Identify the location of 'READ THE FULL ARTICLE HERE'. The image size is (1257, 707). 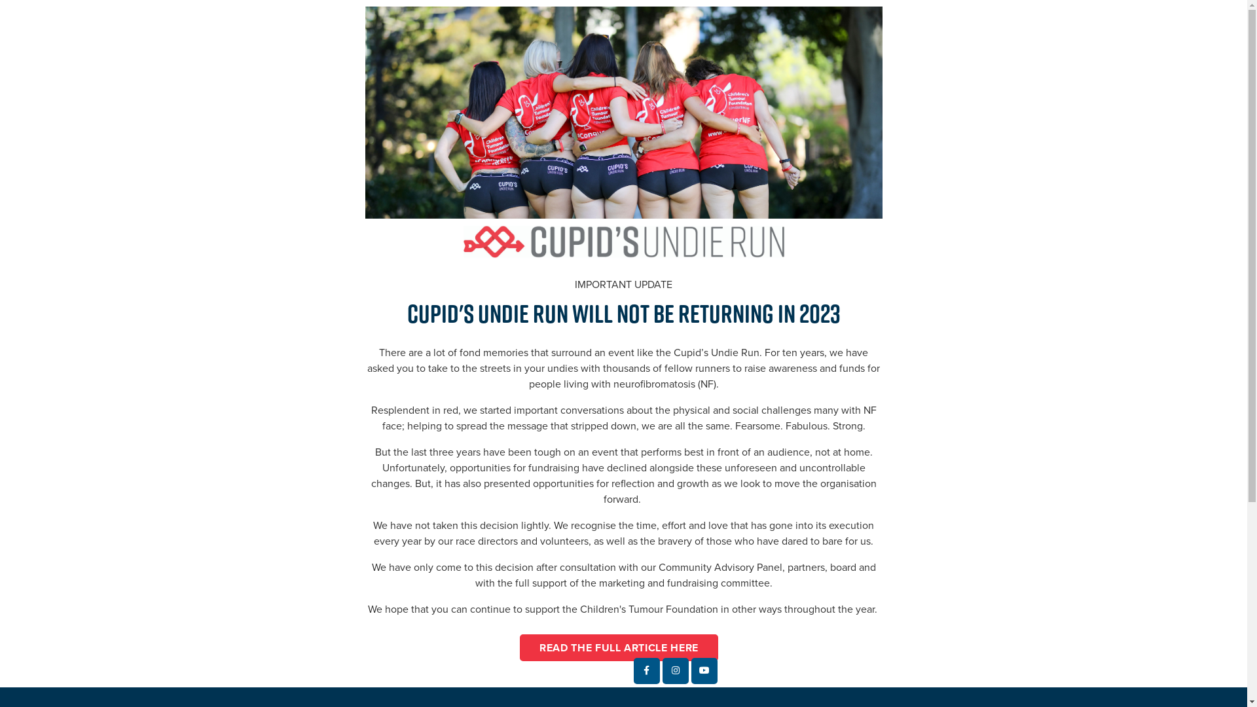
(618, 646).